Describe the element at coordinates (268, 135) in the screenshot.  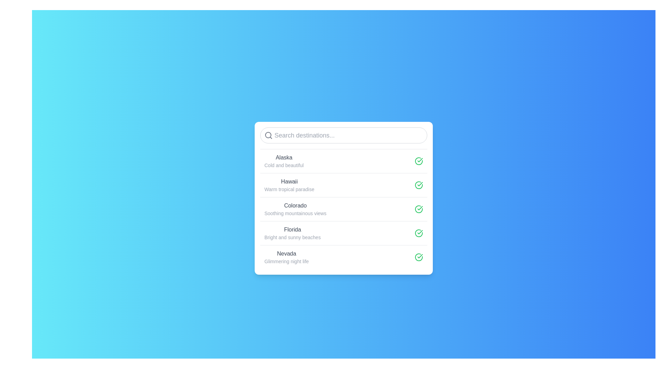
I see `the circular magnifying glass icon located to the far left of the search input field` at that location.